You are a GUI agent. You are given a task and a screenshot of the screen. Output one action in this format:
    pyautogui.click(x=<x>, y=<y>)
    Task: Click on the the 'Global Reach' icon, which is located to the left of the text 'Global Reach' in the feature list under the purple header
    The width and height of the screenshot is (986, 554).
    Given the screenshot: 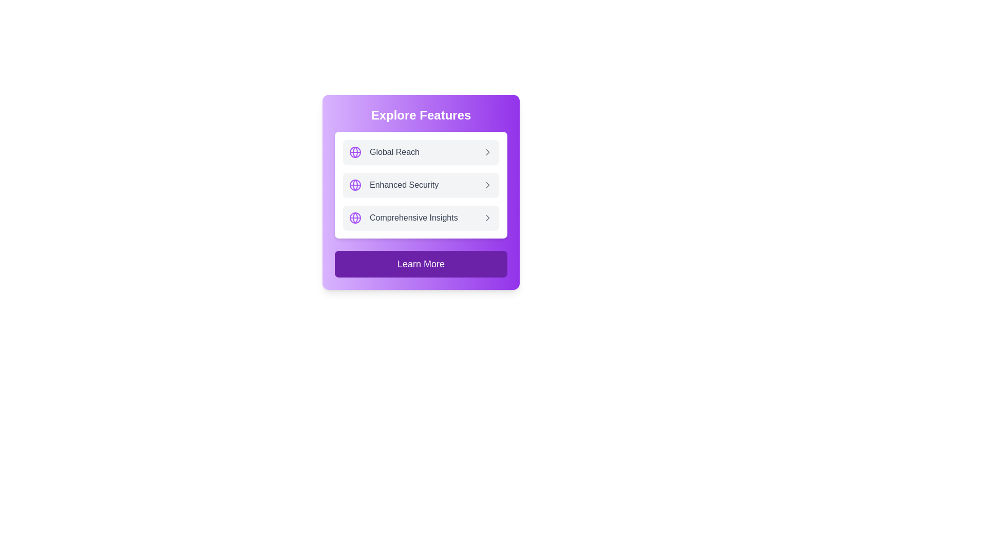 What is the action you would take?
    pyautogui.click(x=355, y=152)
    